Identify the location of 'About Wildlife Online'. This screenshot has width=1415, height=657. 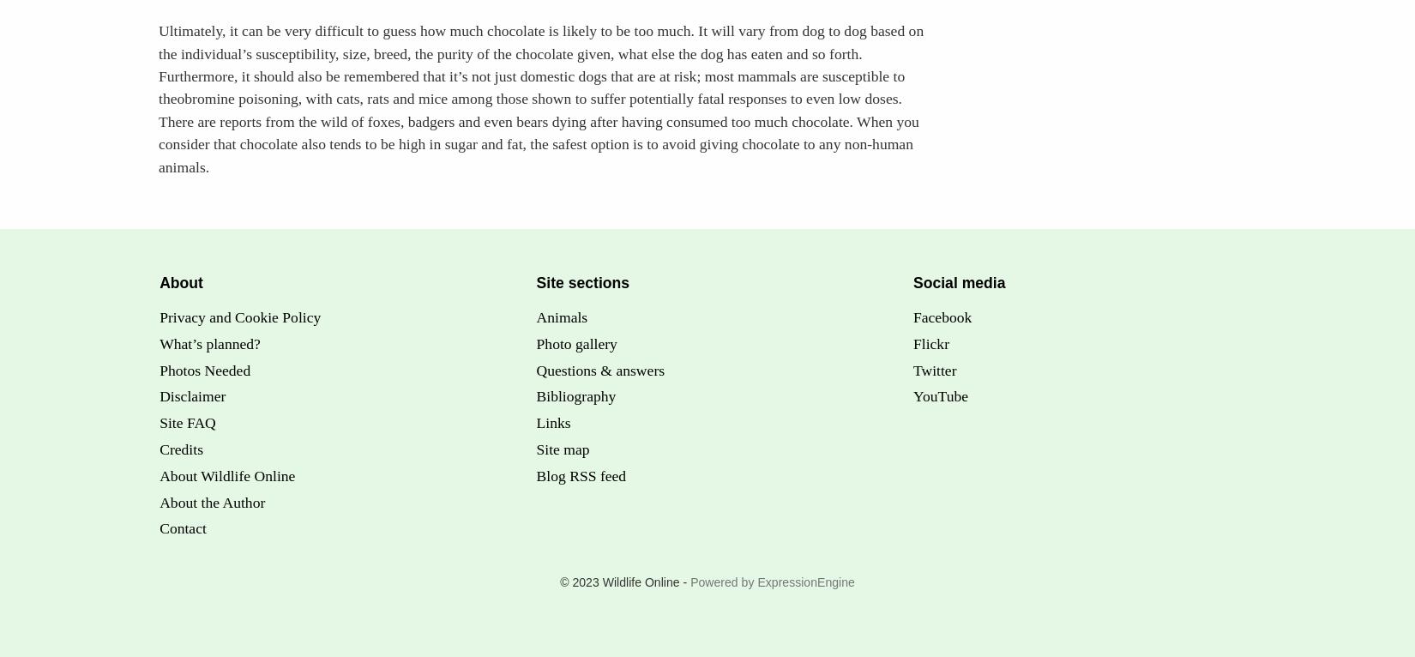
(226, 473).